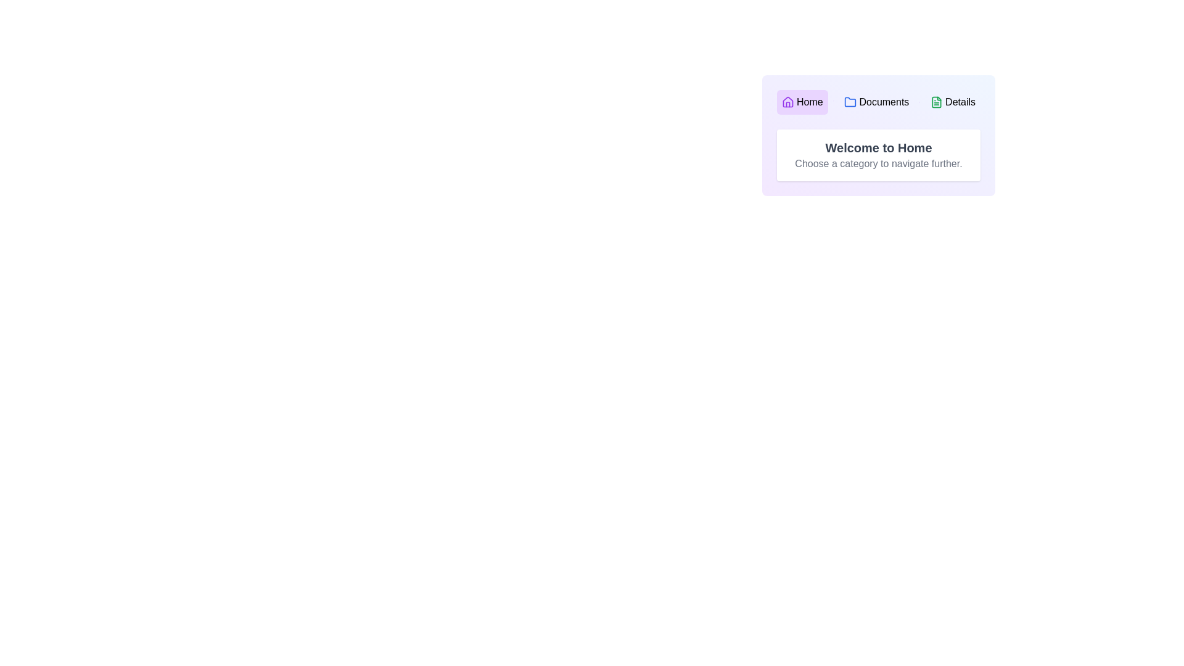  I want to click on the navigational link labeled 'Documents' located in the horizontal navigation bar, positioned to the right of 'Home' and to the left of 'Details', so click(883, 101).